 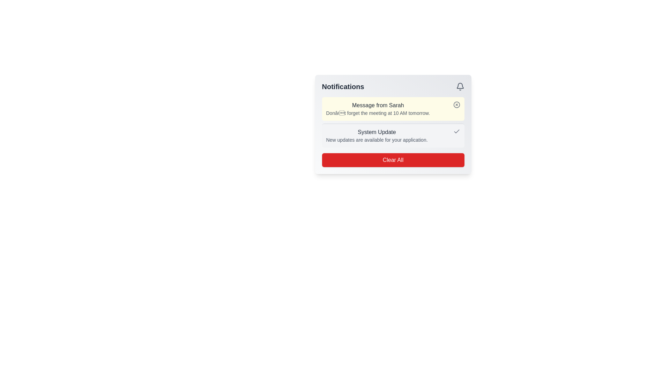 I want to click on text of the 'System Update' notification, which states 'New updates are available for your application.', so click(x=393, y=135).